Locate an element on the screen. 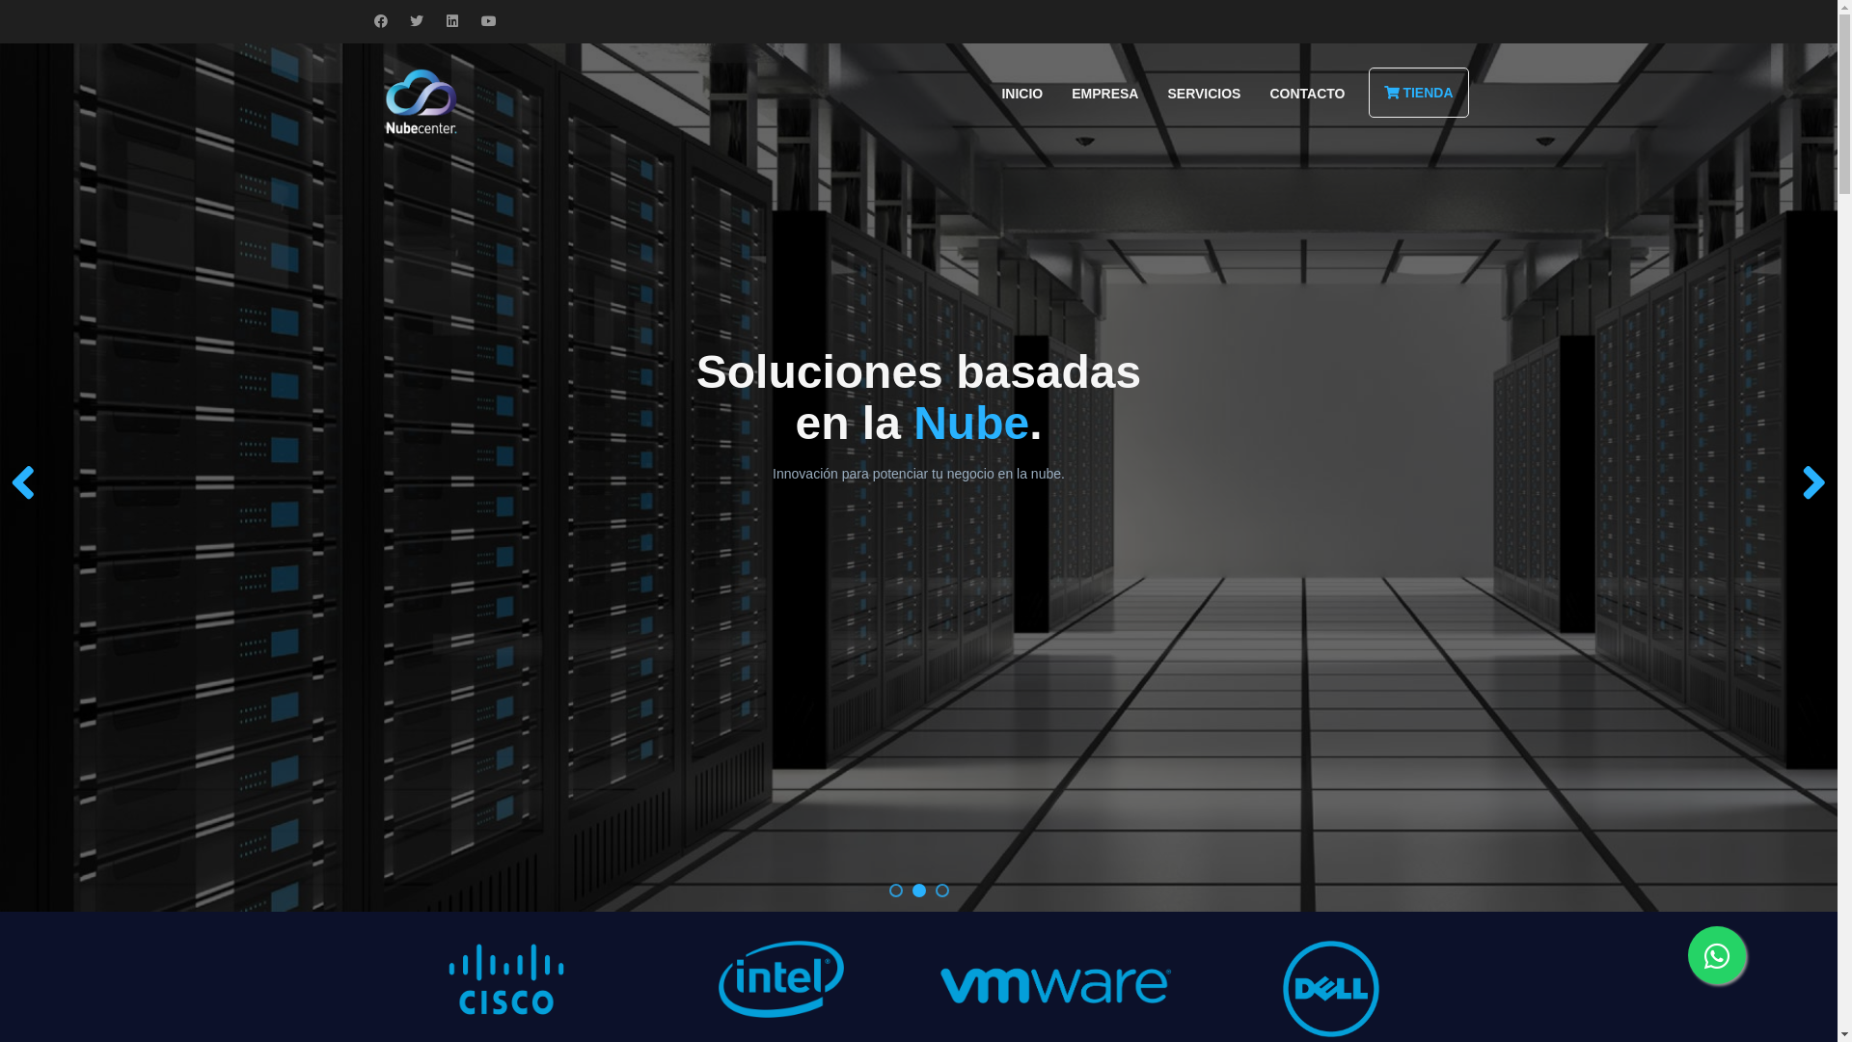 The width and height of the screenshot is (1852, 1042). 'TIENDA' is located at coordinates (1417, 93).